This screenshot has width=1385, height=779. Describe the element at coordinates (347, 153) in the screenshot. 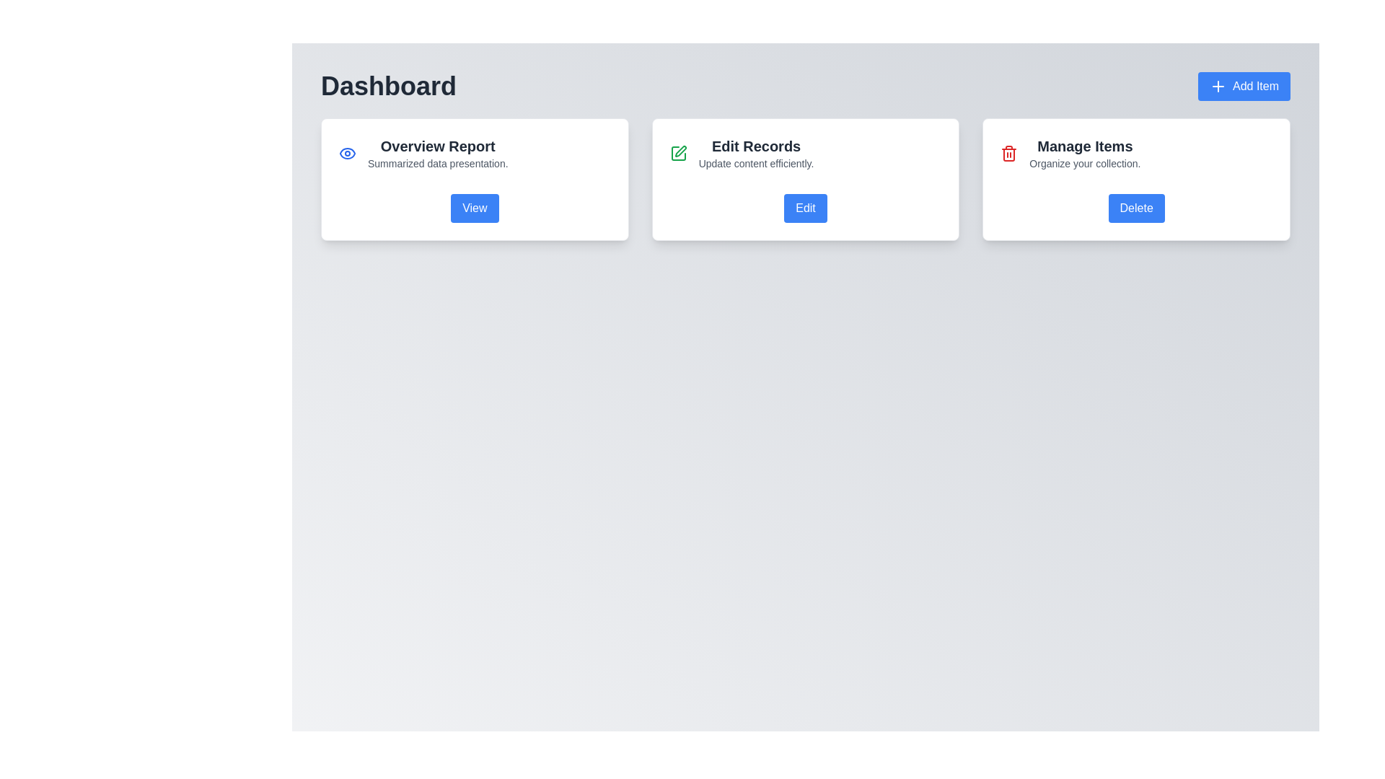

I see `the blue eye icon located at the top-left corner of the 'Overview Report' card` at that location.